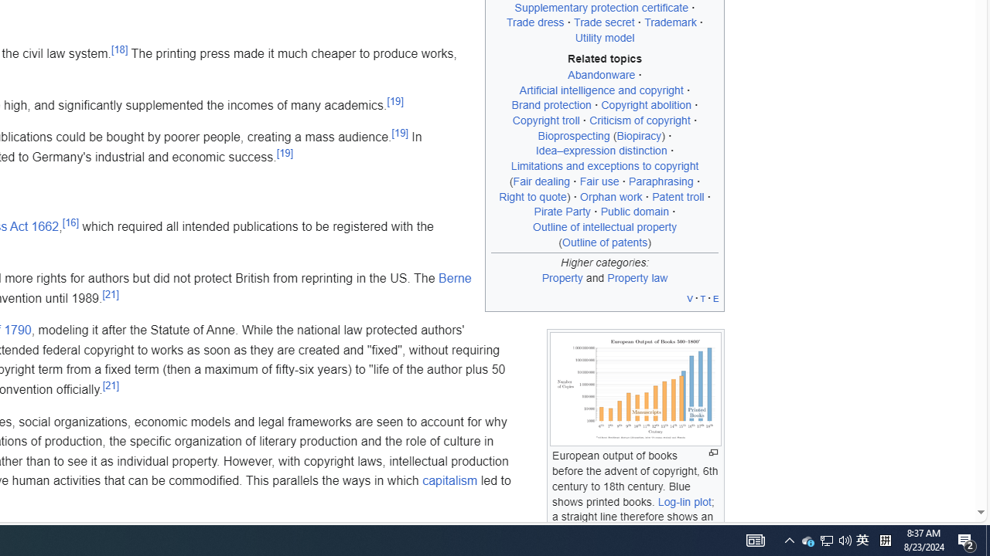 This screenshot has height=556, width=990. Describe the element at coordinates (640, 120) in the screenshot. I see `'Criticism of copyright'` at that location.